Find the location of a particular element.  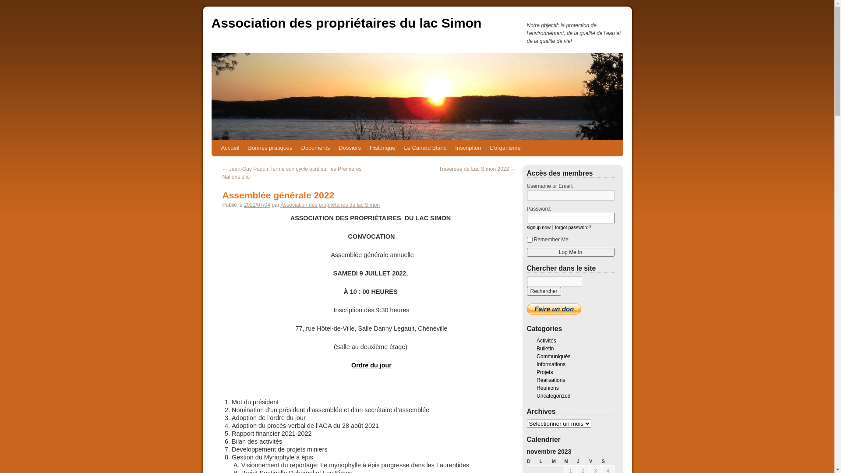

'Bulletin' is located at coordinates (544, 348).